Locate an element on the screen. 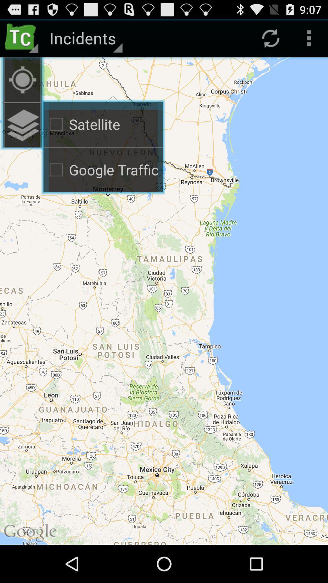 Image resolution: width=328 pixels, height=583 pixels. icon next to the incidents item is located at coordinates (22, 38).